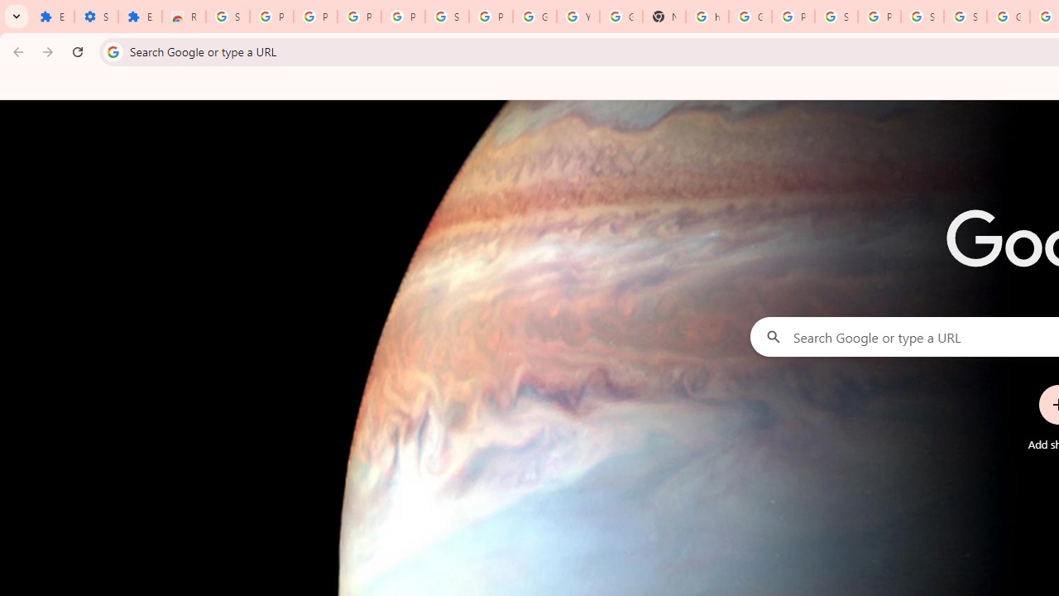 Image resolution: width=1059 pixels, height=596 pixels. What do you see at coordinates (664, 17) in the screenshot?
I see `'New Tab'` at bounding box center [664, 17].